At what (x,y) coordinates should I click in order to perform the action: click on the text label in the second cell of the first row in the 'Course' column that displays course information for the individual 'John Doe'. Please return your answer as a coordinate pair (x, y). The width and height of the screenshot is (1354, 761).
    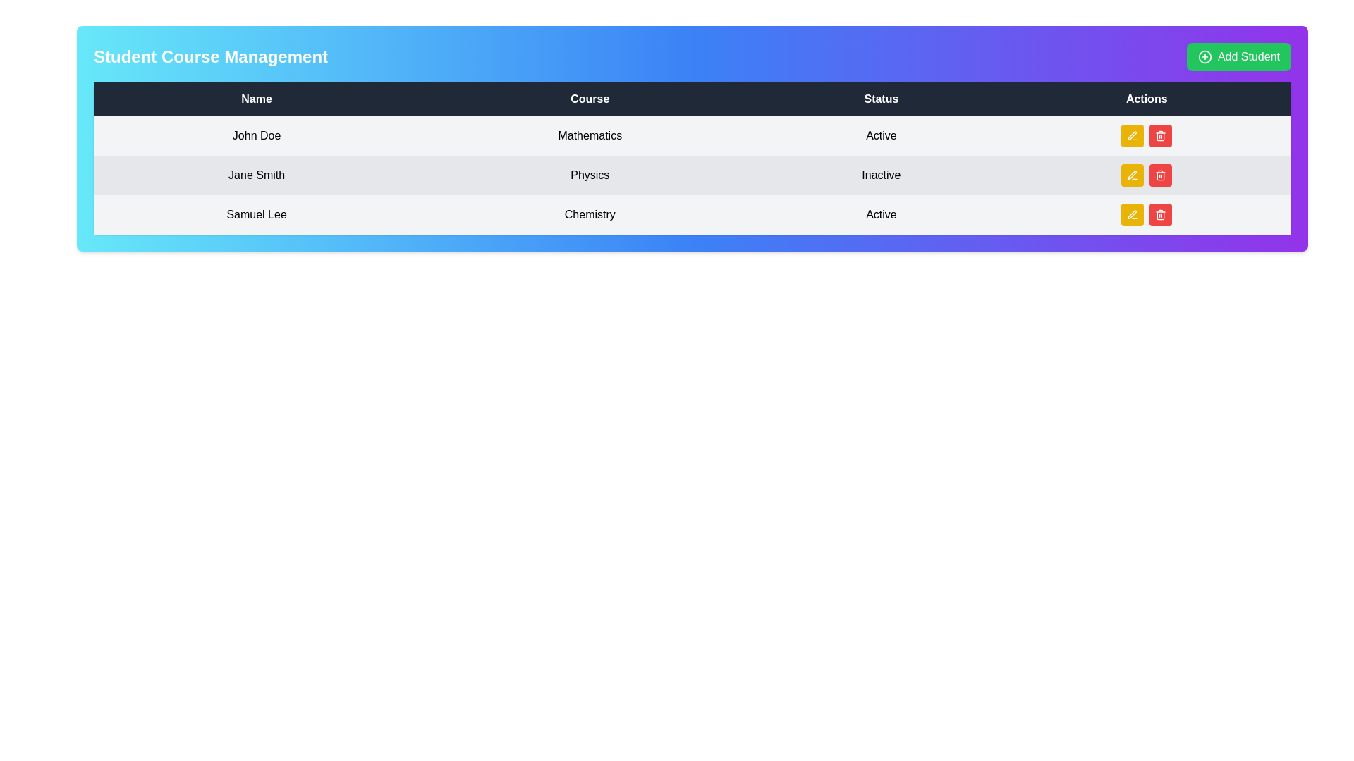
    Looking at the image, I should click on (590, 135).